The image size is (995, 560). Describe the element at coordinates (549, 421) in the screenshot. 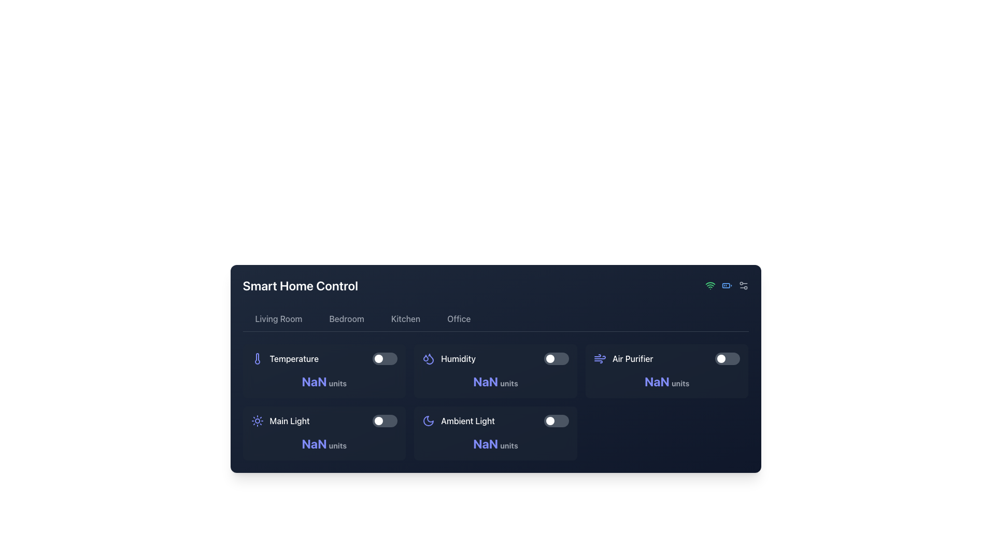

I see `the toggle switch thumb located on the rightmost side of the row labeled 'Ambient Light'` at that location.